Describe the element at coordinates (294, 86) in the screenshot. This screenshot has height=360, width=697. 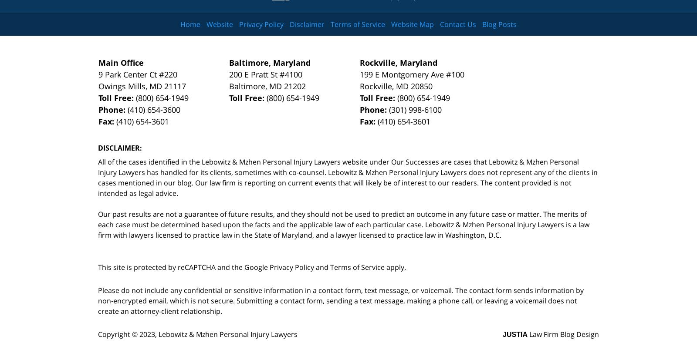
I see `'21202'` at that location.